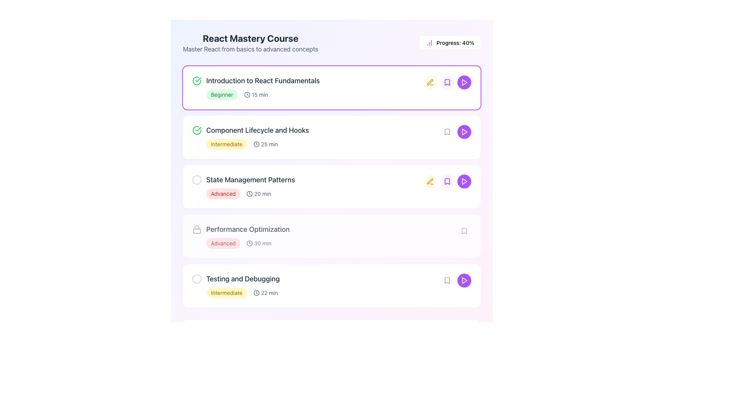 The width and height of the screenshot is (743, 418). I want to click on the text label displaying the estimated duration of 22 minutes for the 'Testing and Debugging' course located next to the clock icon in the 'React Mastery Course' interface to note down the duration, so click(269, 293).